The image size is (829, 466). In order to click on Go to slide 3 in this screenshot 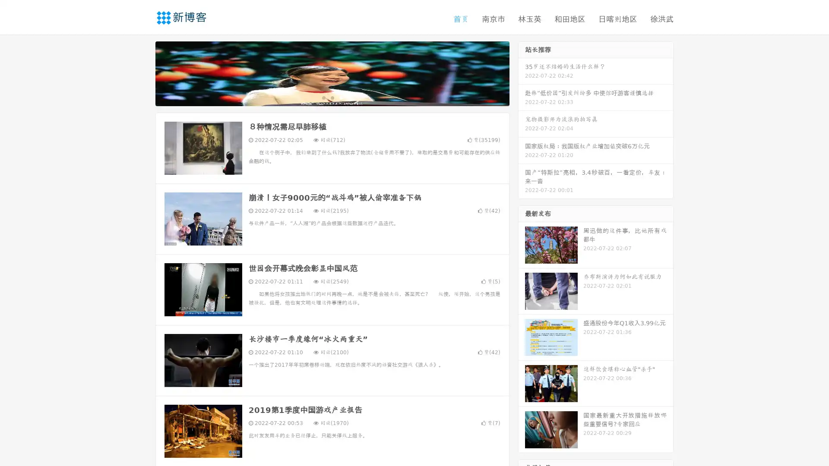, I will do `click(341, 97)`.